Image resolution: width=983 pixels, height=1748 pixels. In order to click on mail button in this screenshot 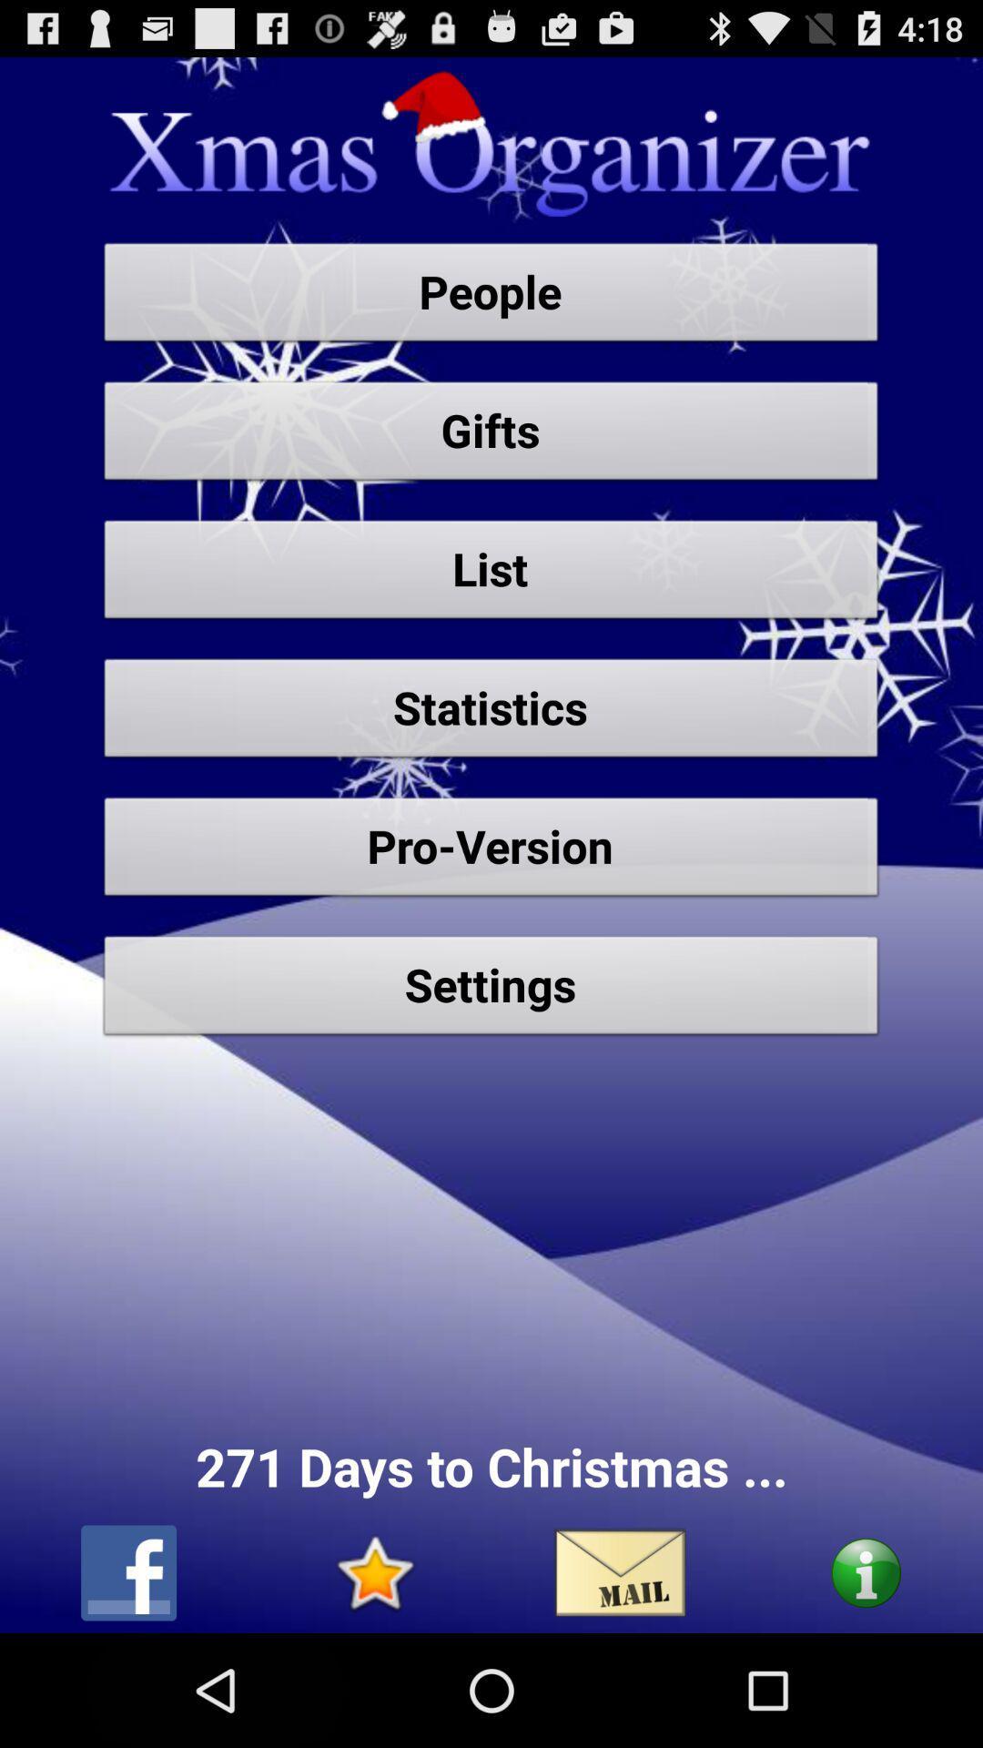, I will do `click(619, 1572)`.